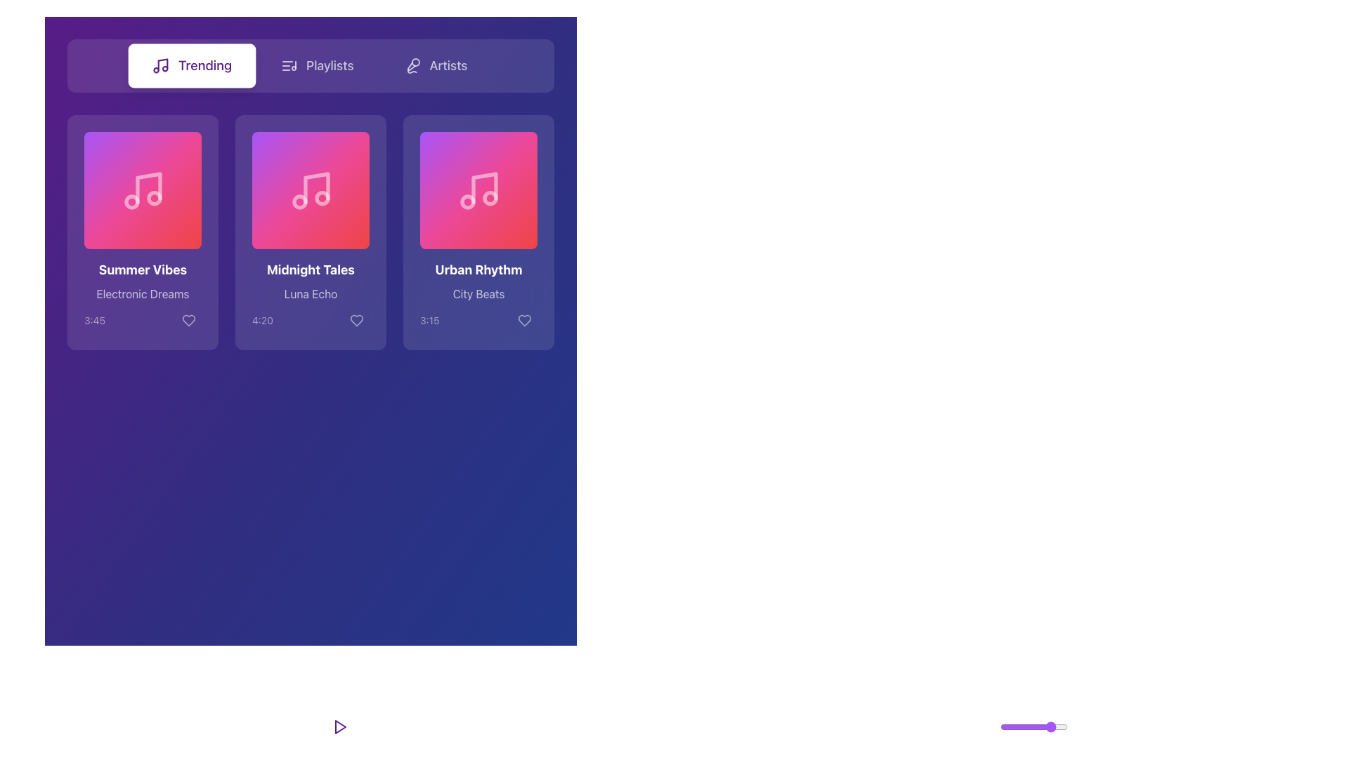  Describe the element at coordinates (191, 65) in the screenshot. I see `the navigation button labeled 'Trending' located in the upper-left corner of the interface` at that location.